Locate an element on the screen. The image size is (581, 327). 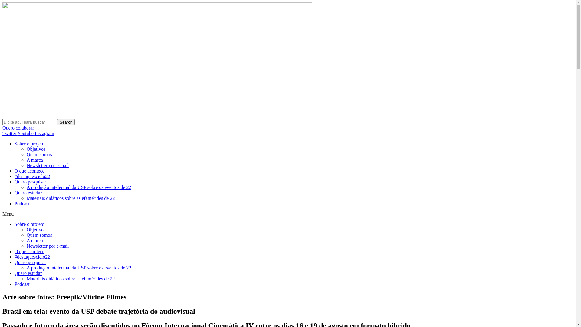
'O que acontece' is located at coordinates (15, 251).